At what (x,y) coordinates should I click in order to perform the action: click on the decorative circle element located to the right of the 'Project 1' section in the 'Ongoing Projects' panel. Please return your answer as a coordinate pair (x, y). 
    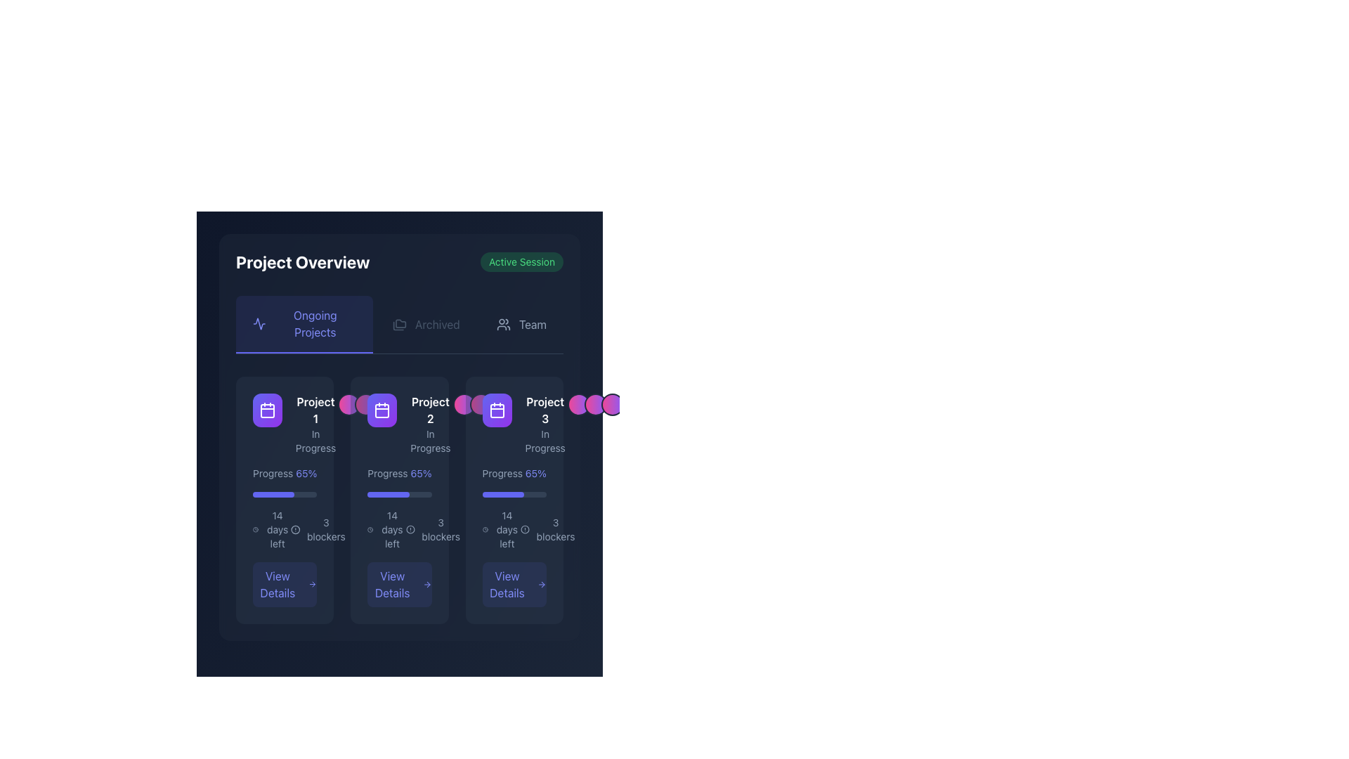
    Looking at the image, I should click on (349, 404).